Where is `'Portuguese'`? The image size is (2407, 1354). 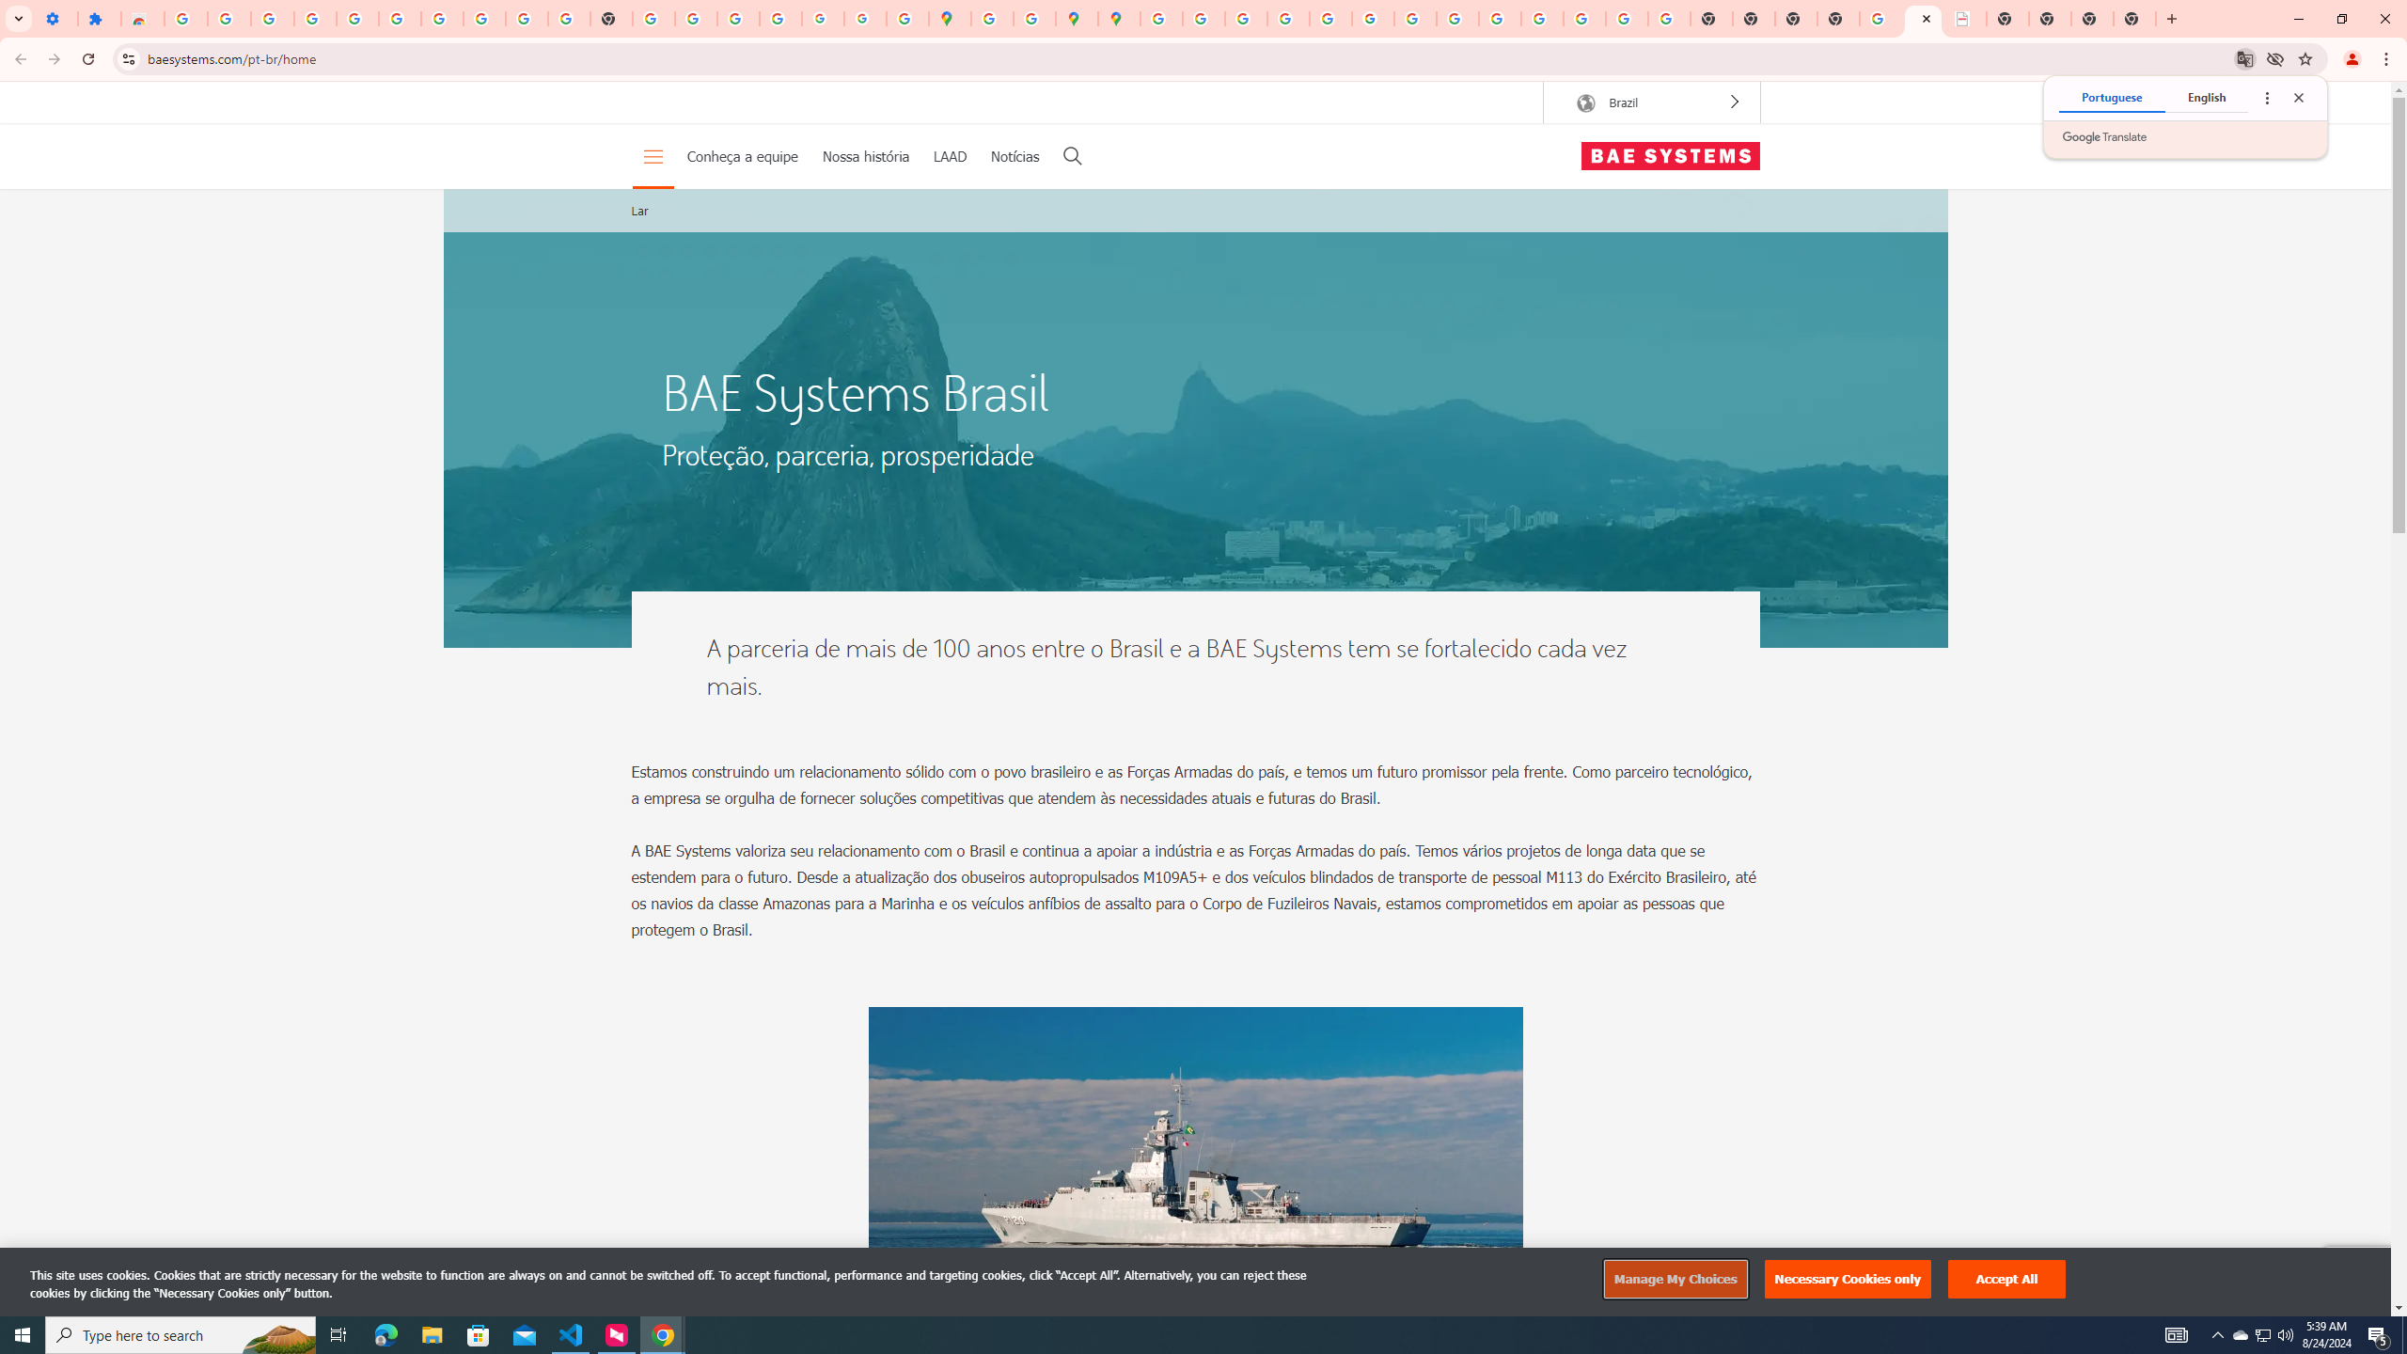
'Portuguese' is located at coordinates (2112, 97).